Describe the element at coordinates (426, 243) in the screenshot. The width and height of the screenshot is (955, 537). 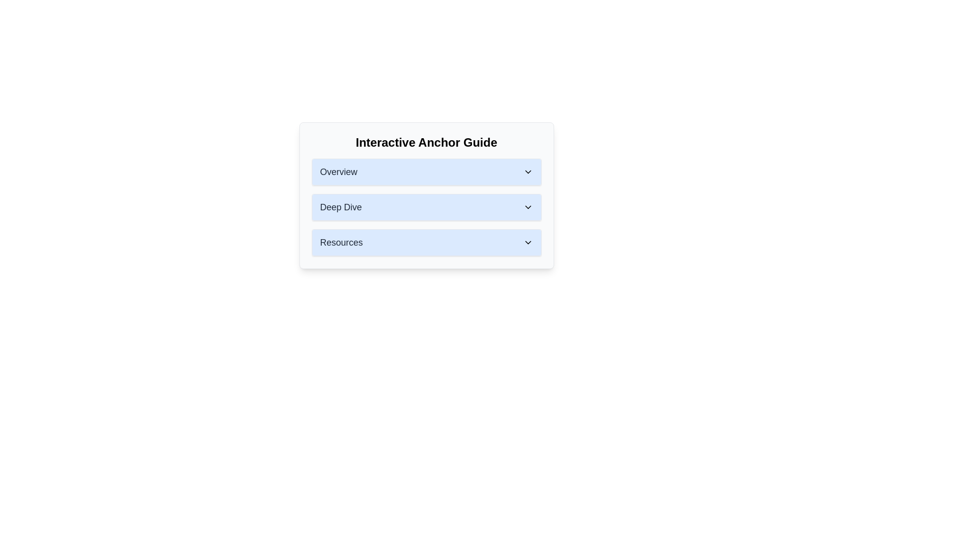
I see `the Dropdown menu button located below the 'Deep Dive' and 'Overview' elements` at that location.